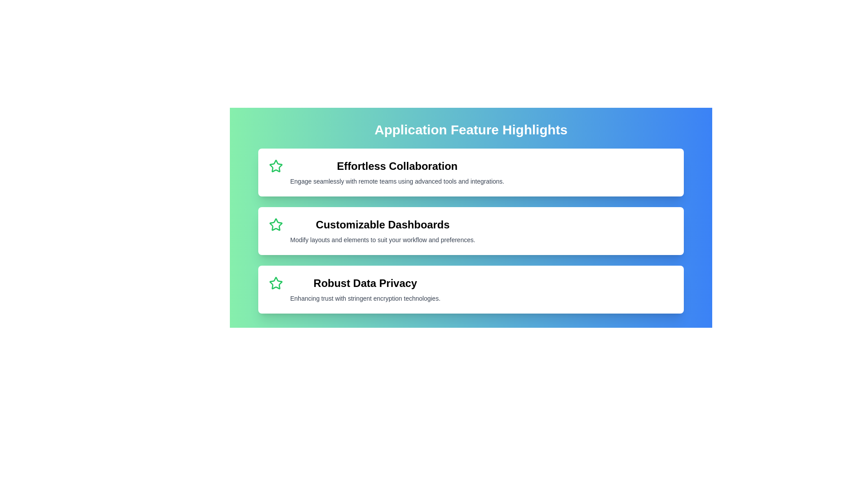  What do you see at coordinates (276, 224) in the screenshot?
I see `the green outlined star icon located to the left of the 'Customizable Dashboards' heading to interact with the associated content` at bounding box center [276, 224].